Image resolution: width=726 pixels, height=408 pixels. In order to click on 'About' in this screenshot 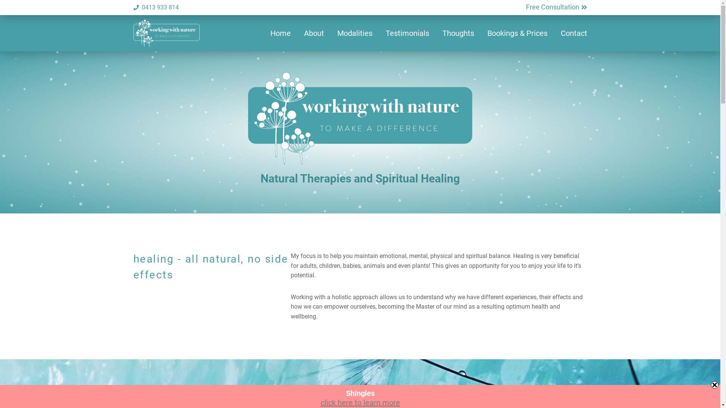, I will do `click(314, 33)`.